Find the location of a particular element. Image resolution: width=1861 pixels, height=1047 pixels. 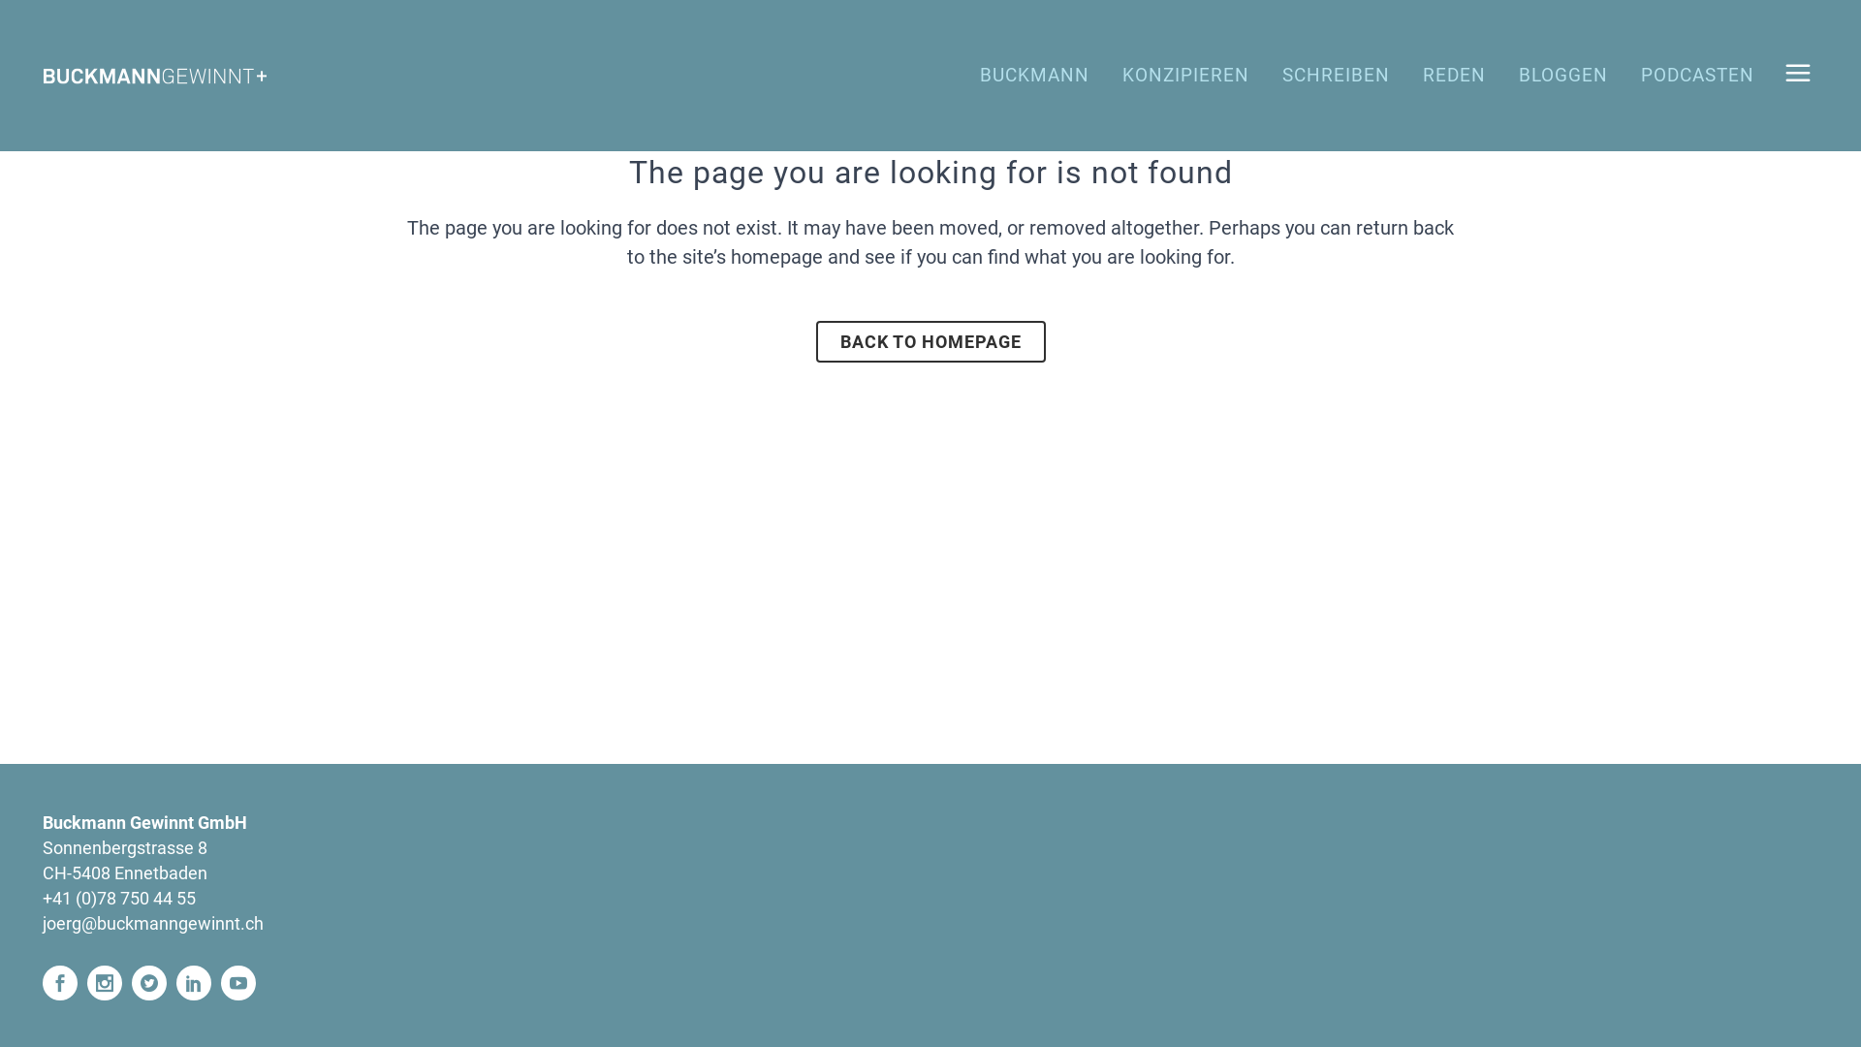

'BLOGGEN' is located at coordinates (1562, 74).